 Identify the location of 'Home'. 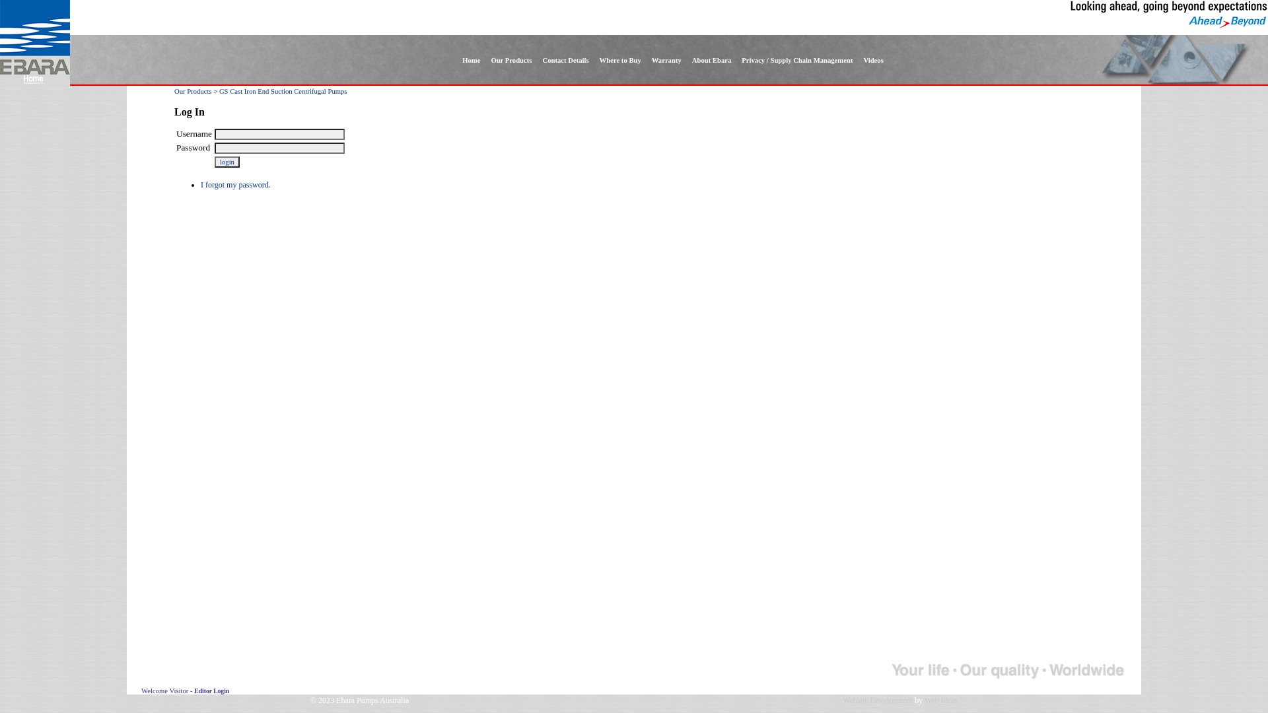
(471, 60).